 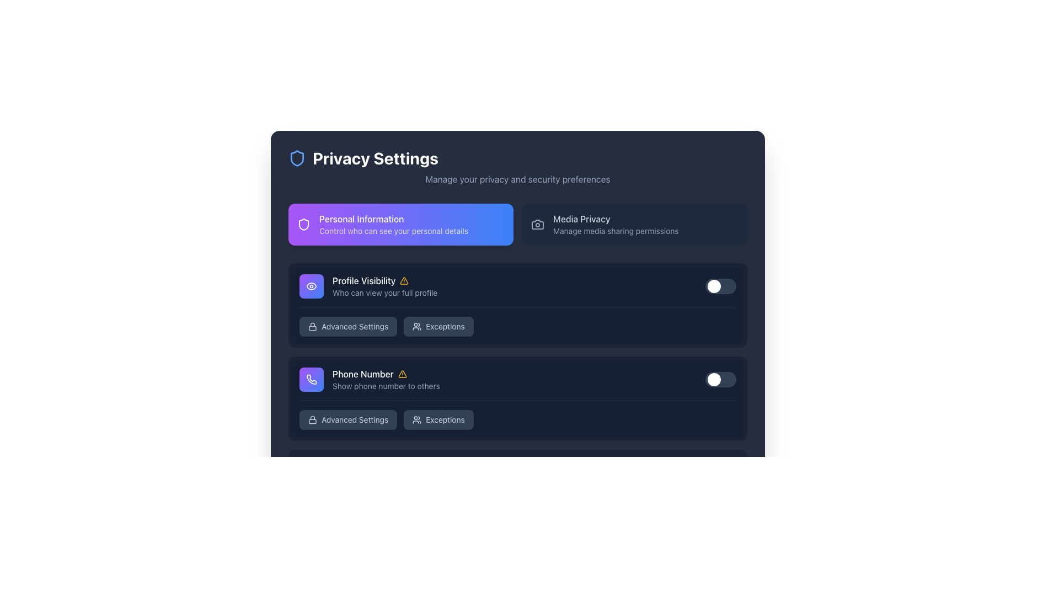 I want to click on the Text Label that provides a brief explanation of the 'Privacy Settings' section, located below the 'Privacy Settings' title, so click(x=517, y=178).